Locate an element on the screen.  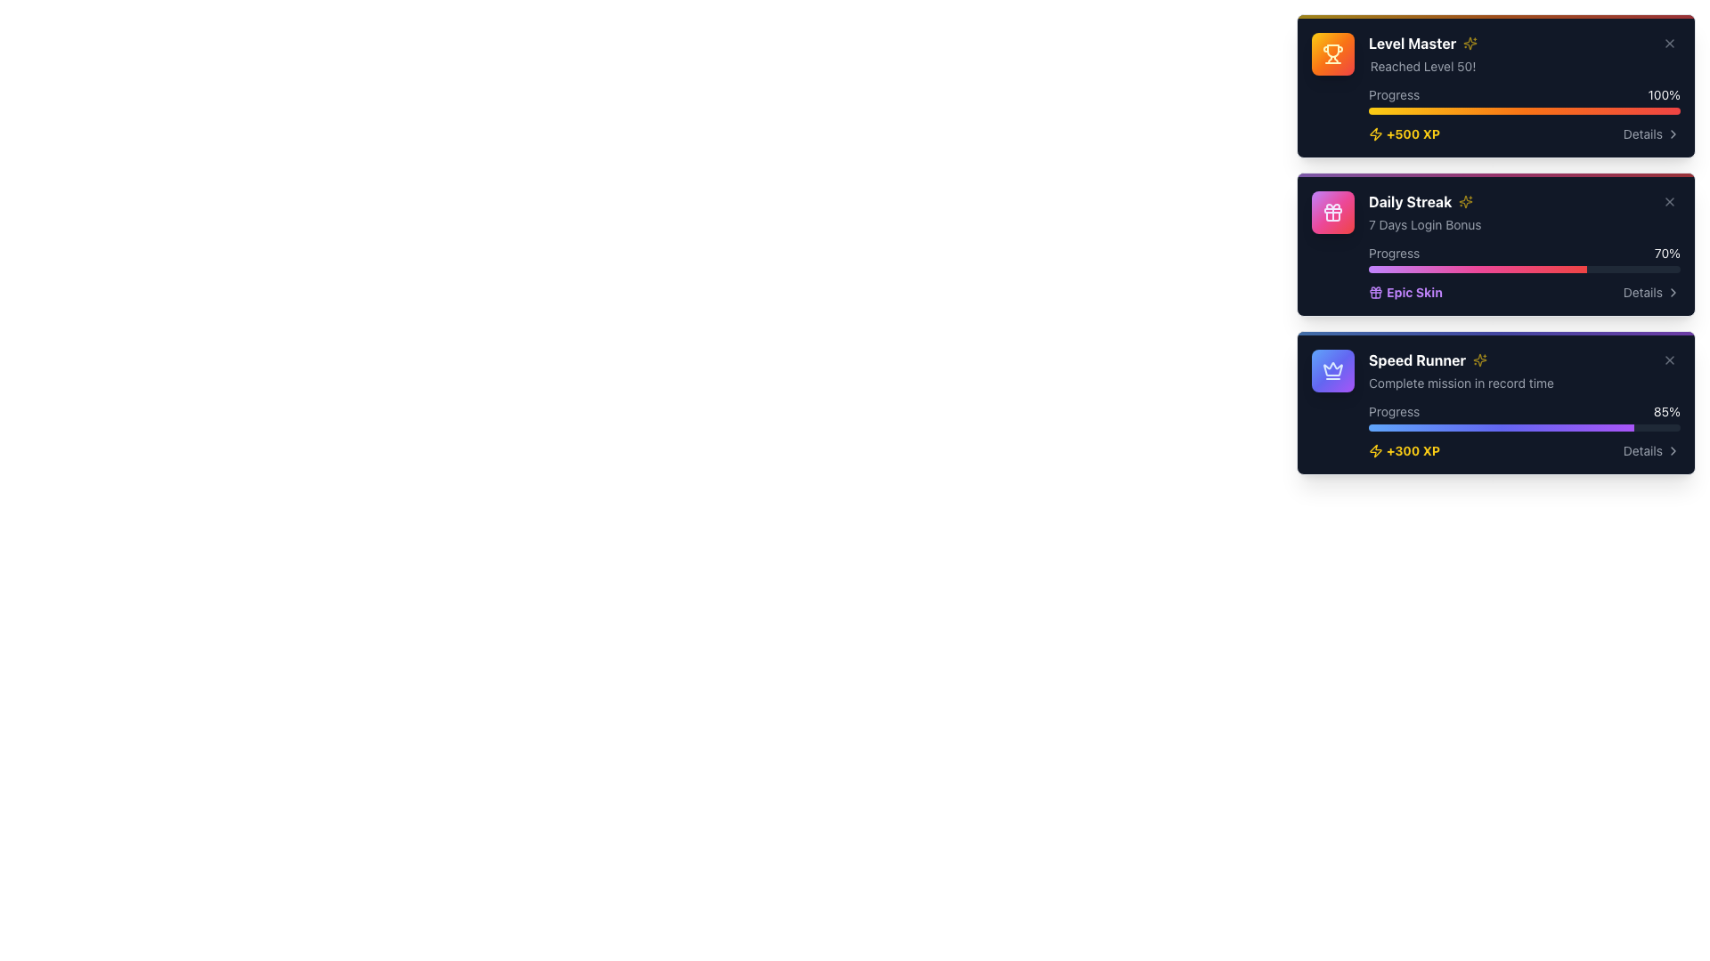
'Progress' text label, which is a small gray font located under the 'Speed Runner' title in the dark blue background, adjacent to the progress bar and percentage indicator, for additional details in the debugging tools is located at coordinates (1393, 411).